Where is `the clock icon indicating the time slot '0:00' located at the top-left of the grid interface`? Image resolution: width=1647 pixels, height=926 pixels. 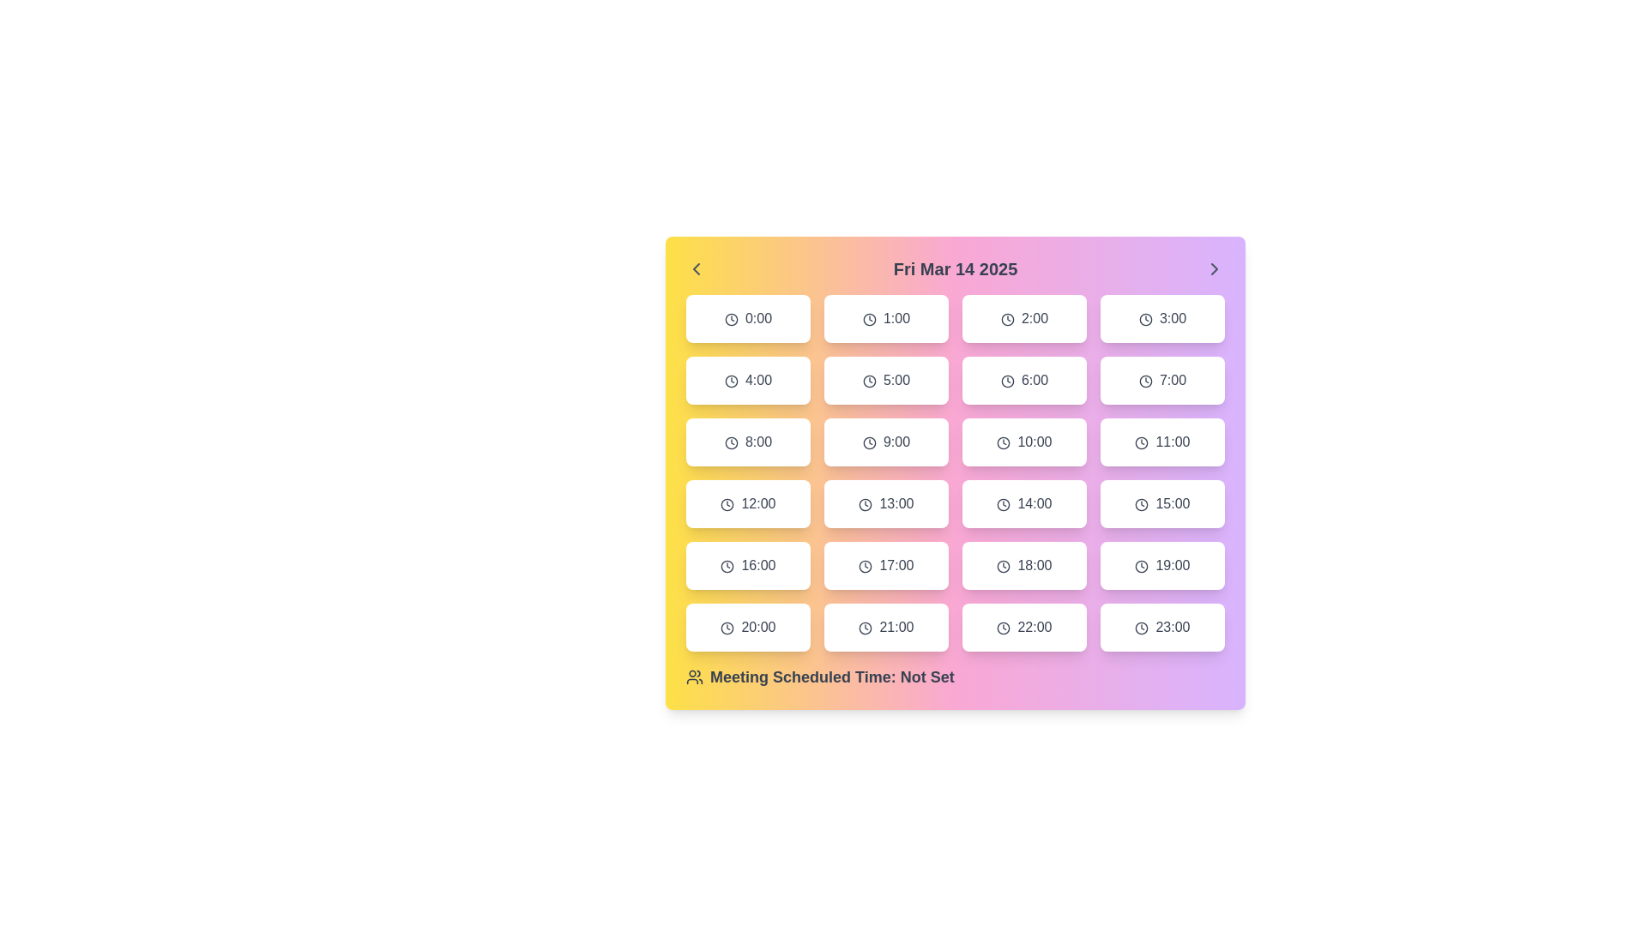 the clock icon indicating the time slot '0:00' located at the top-left of the grid interface is located at coordinates (731, 319).